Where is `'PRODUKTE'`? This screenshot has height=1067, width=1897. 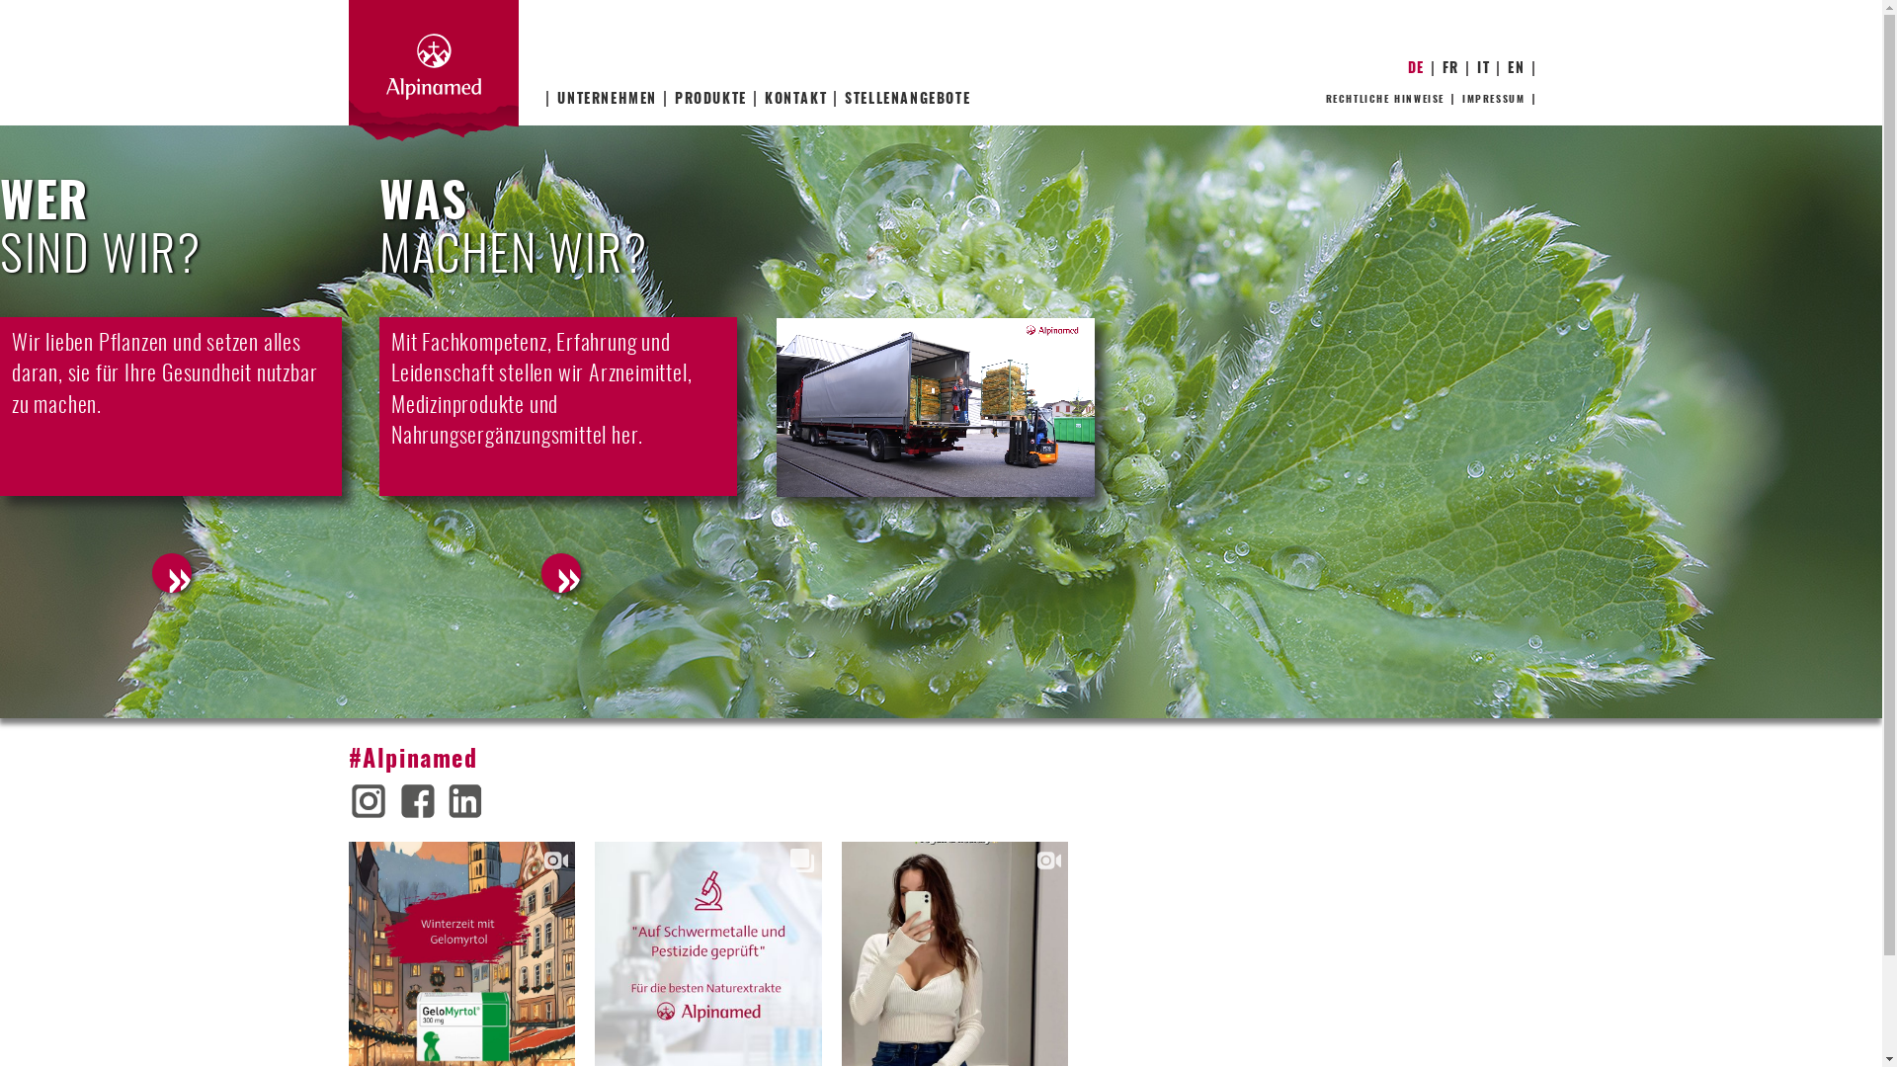
'PRODUKTE' is located at coordinates (708, 99).